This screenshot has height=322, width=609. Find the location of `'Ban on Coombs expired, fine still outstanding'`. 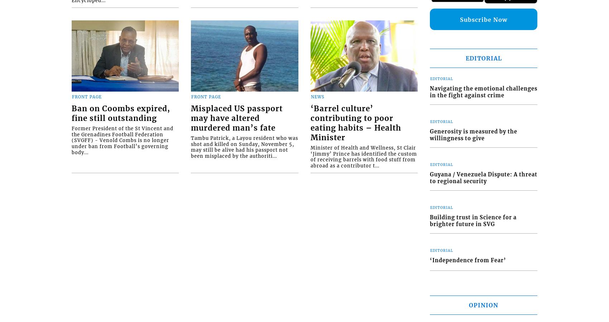

'Ban on Coombs expired, fine still outstanding' is located at coordinates (120, 113).